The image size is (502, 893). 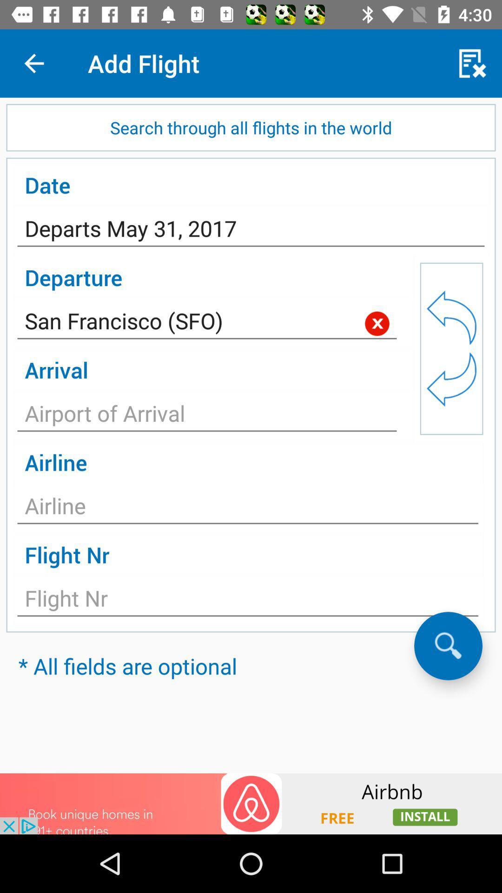 I want to click on arrival option, so click(x=206, y=415).